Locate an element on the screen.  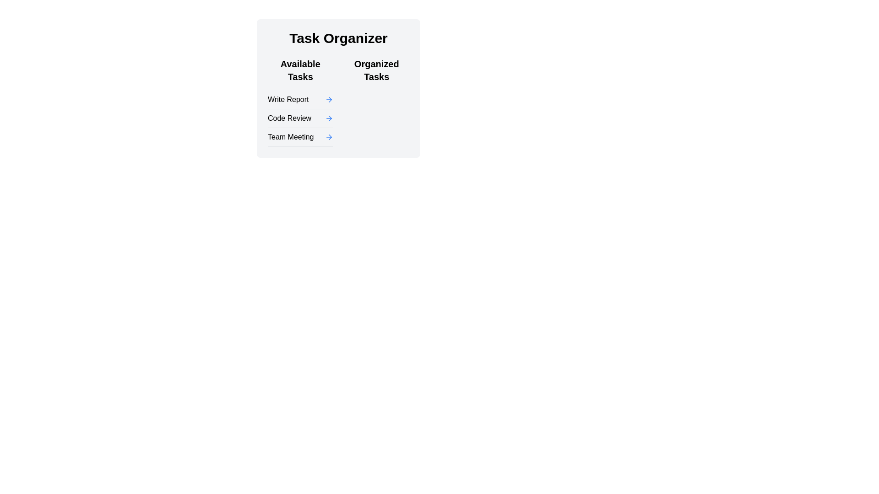
the 'Code Review' task list item in the second row of the 'Available Tasks' list is located at coordinates (300, 118).